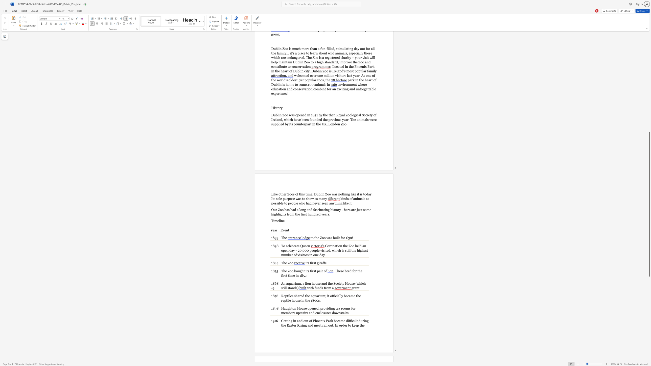 This screenshot has width=651, height=366. What do you see at coordinates (308, 283) in the screenshot?
I see `the 1th character "o" in the text` at bounding box center [308, 283].